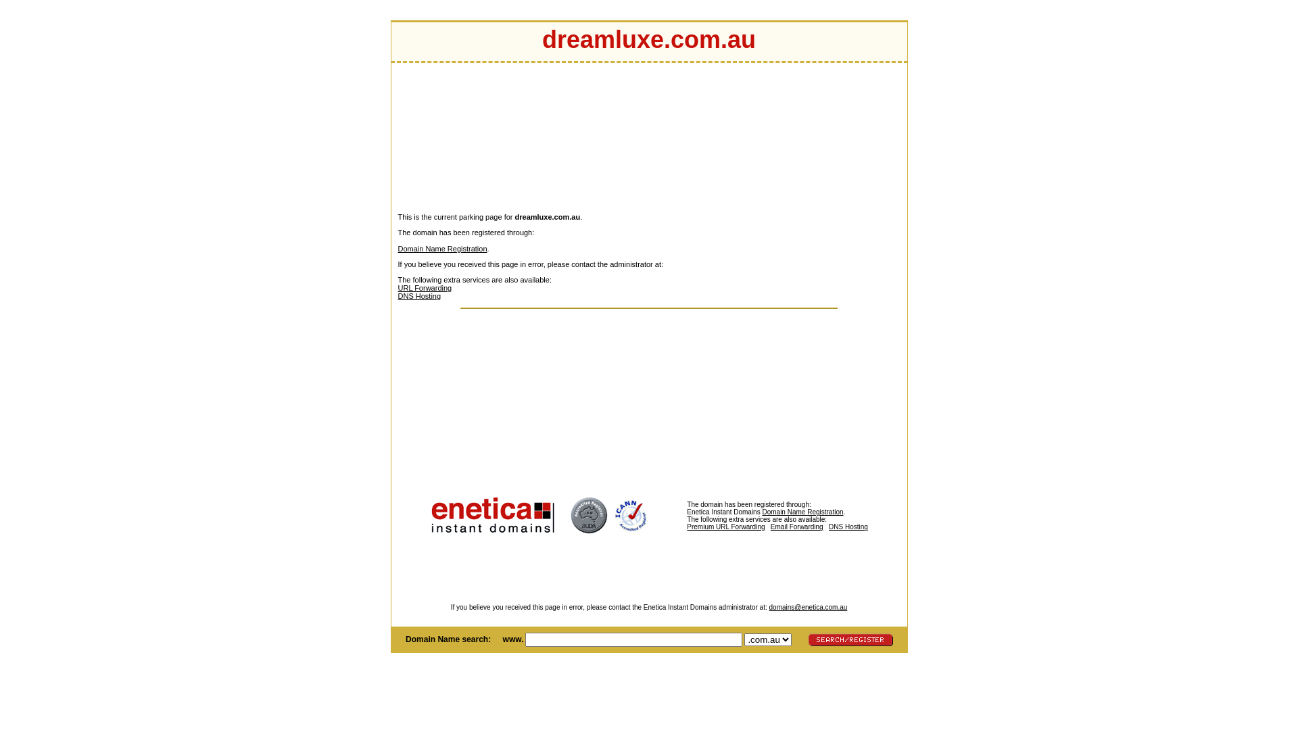  I want to click on 'Domain Name Registration', so click(441, 248).